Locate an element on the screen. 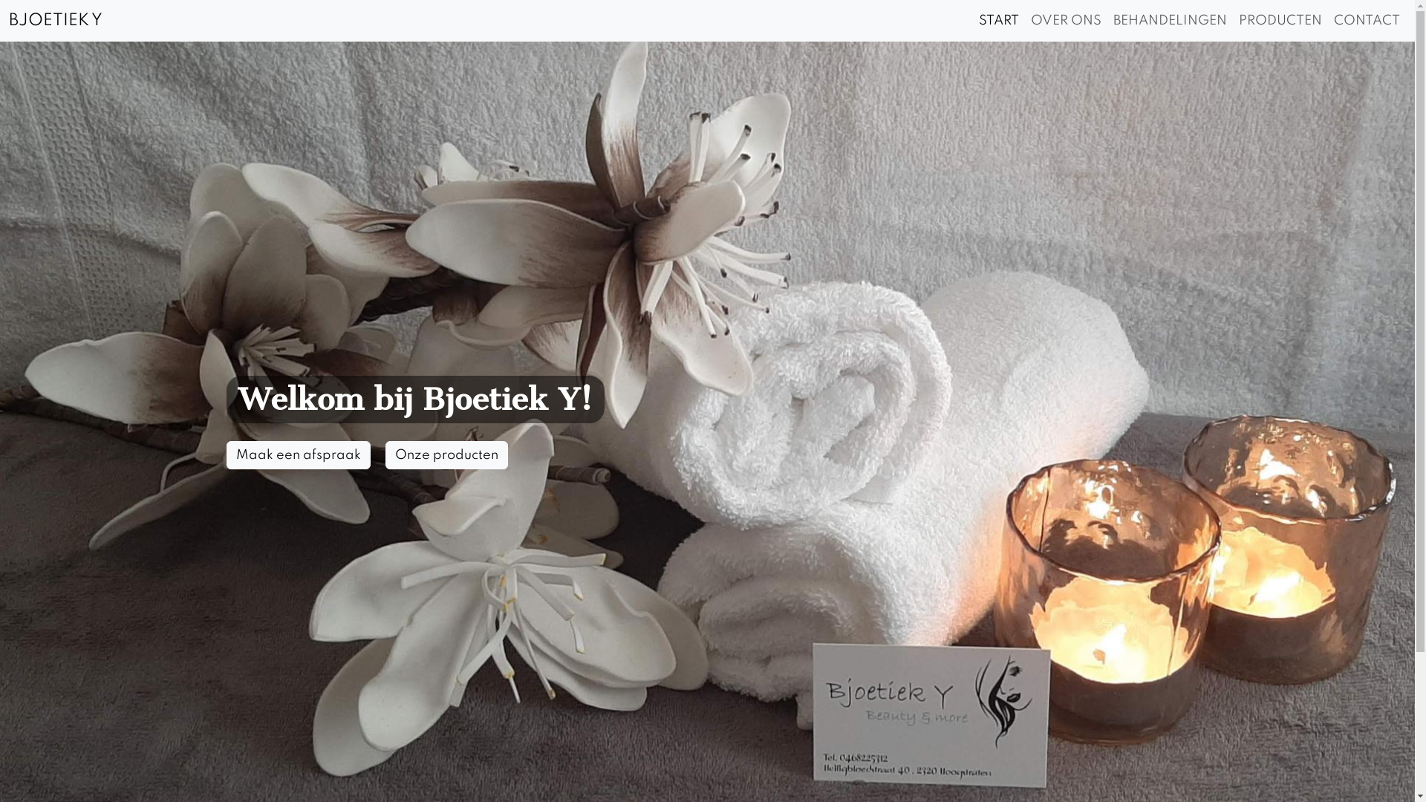 This screenshot has height=802, width=1426. 'BJOETIEK Y' is located at coordinates (56, 20).